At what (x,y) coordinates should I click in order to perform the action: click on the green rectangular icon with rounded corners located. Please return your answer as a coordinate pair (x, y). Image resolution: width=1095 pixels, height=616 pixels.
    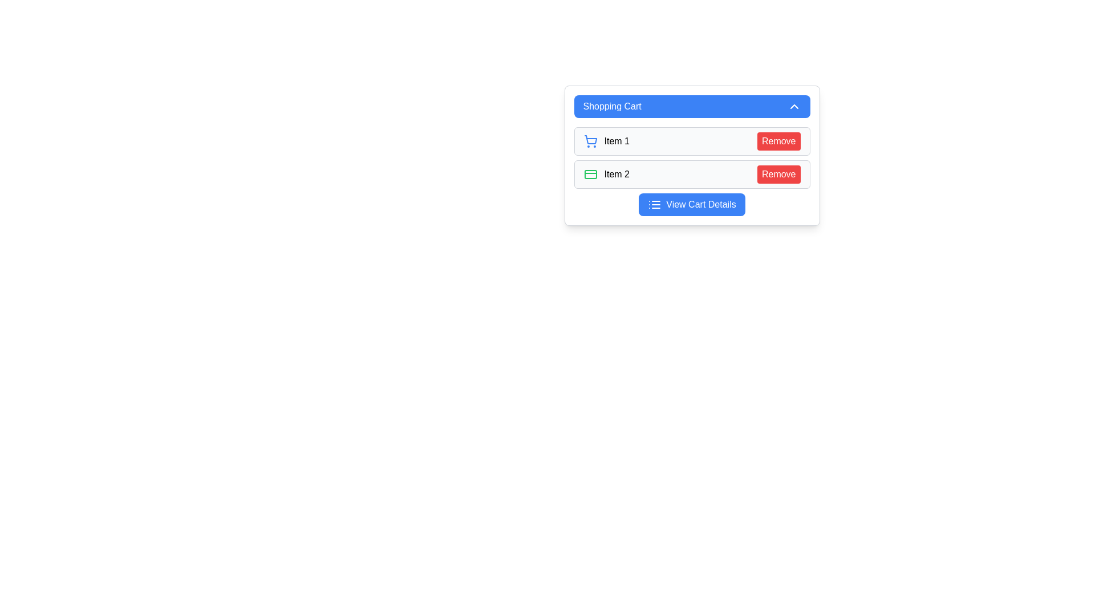
    Looking at the image, I should click on (590, 174).